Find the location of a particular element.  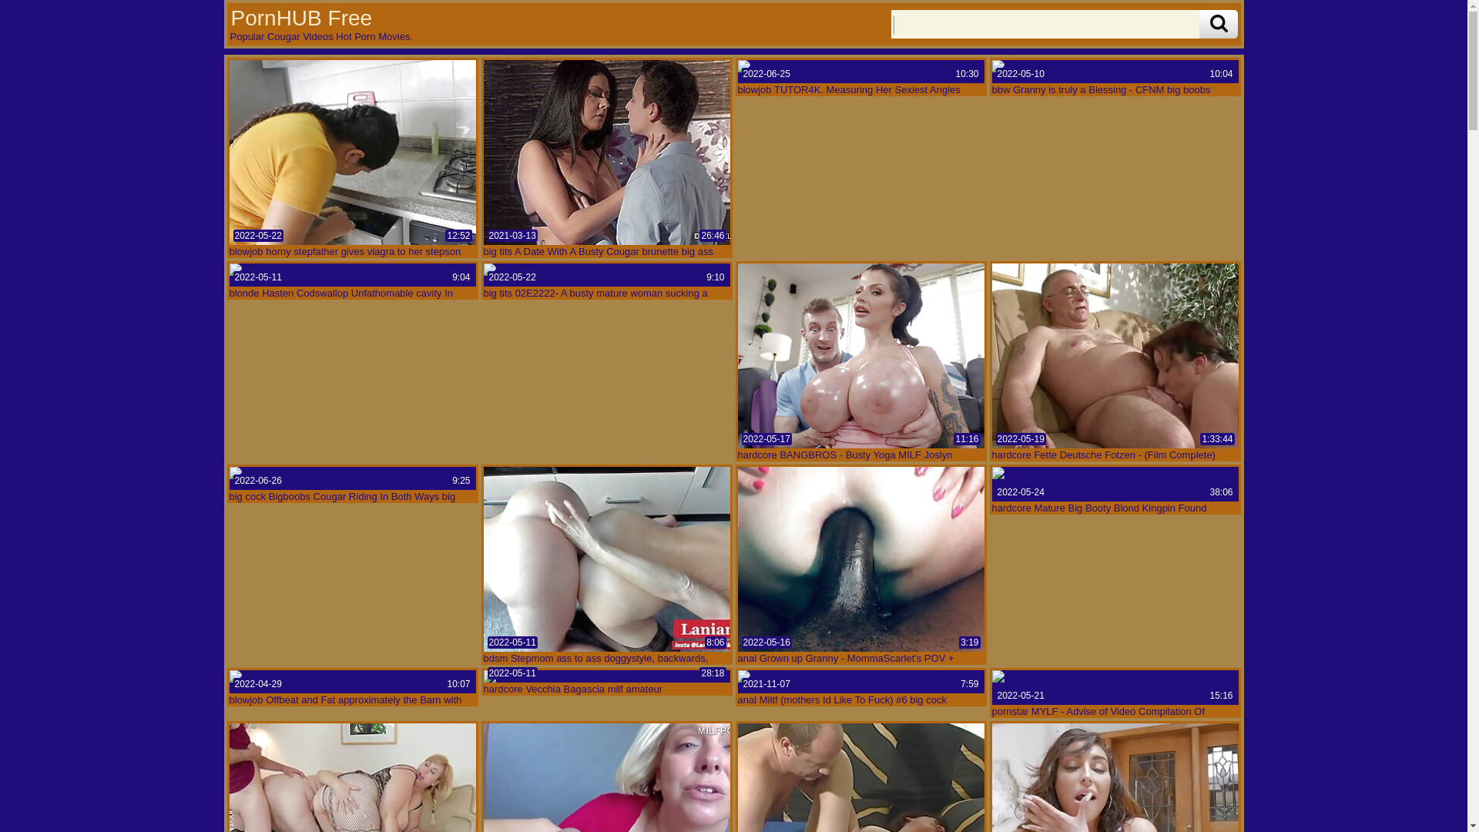

'PornHUB Free' is located at coordinates (300, 18).